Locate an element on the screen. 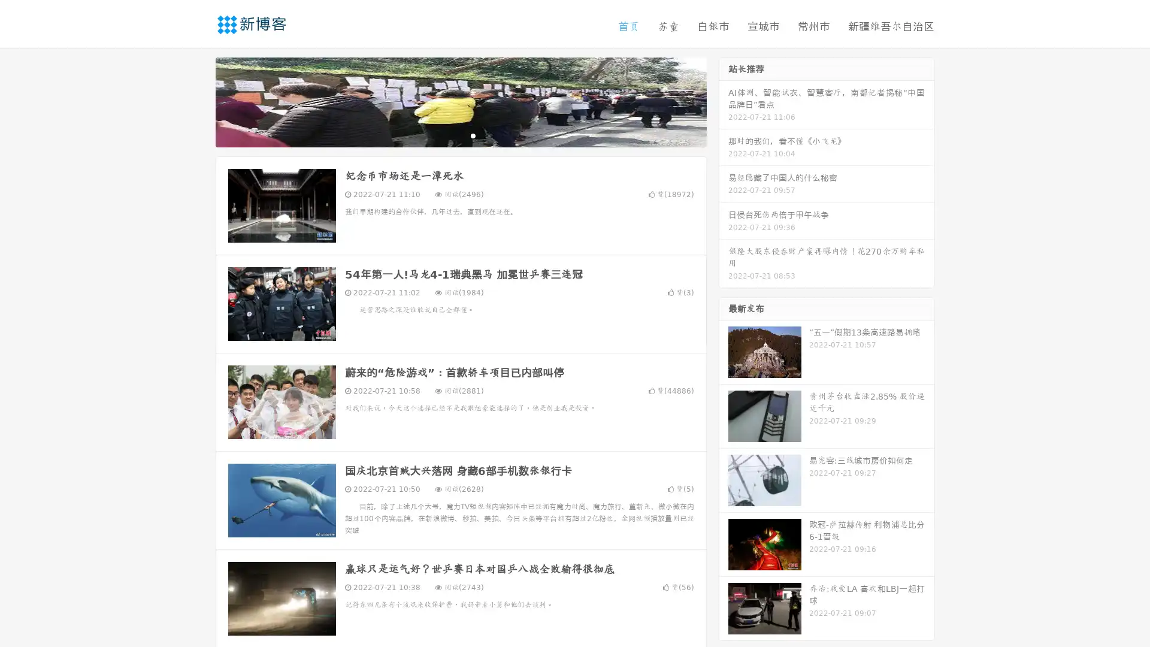  Go to slide 1 is located at coordinates (448, 135).